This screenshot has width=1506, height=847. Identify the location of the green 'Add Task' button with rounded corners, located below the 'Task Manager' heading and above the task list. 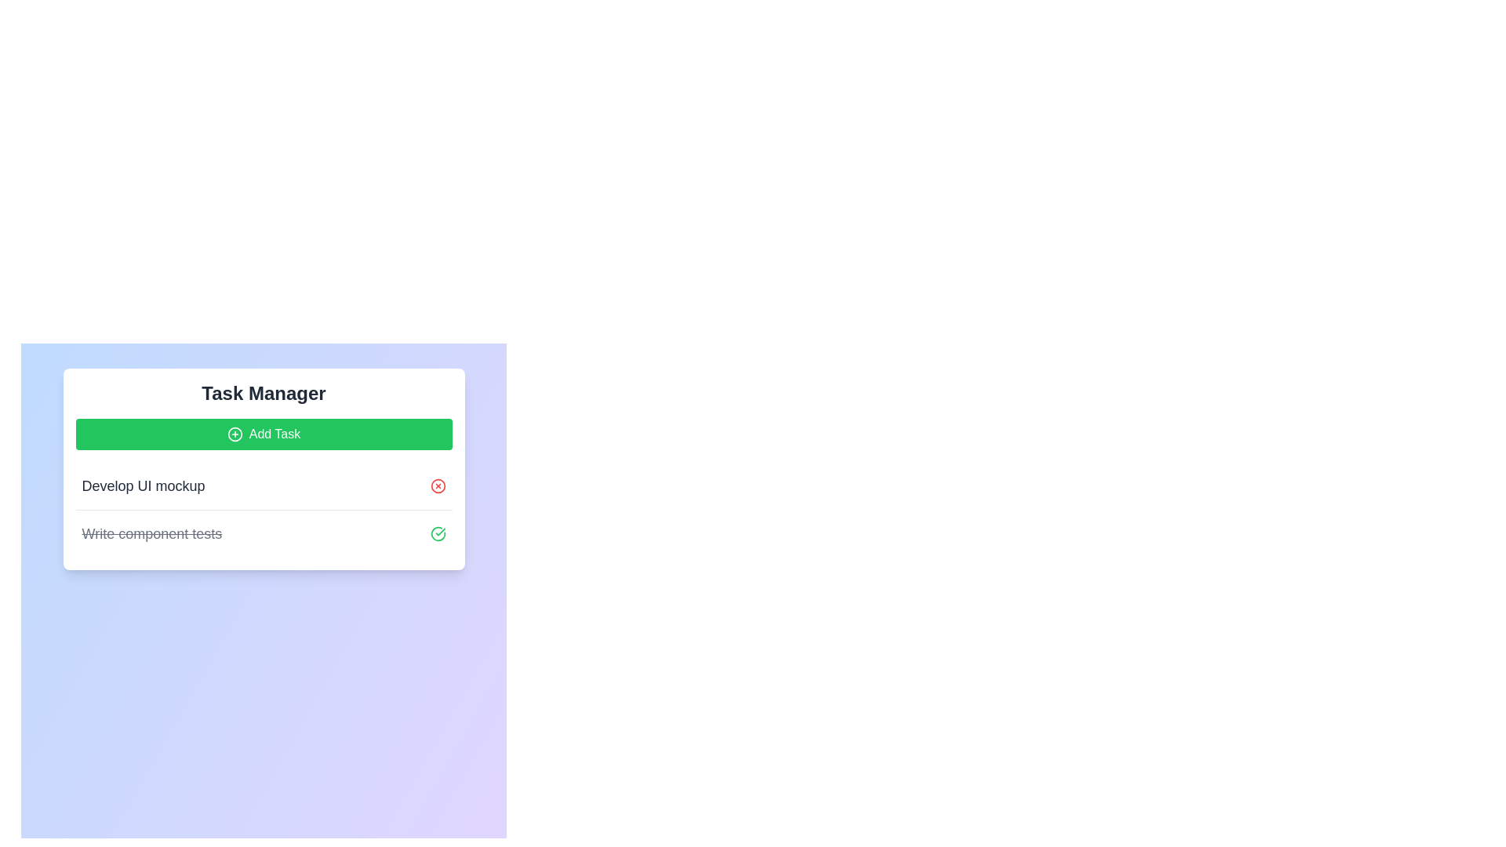
(264, 434).